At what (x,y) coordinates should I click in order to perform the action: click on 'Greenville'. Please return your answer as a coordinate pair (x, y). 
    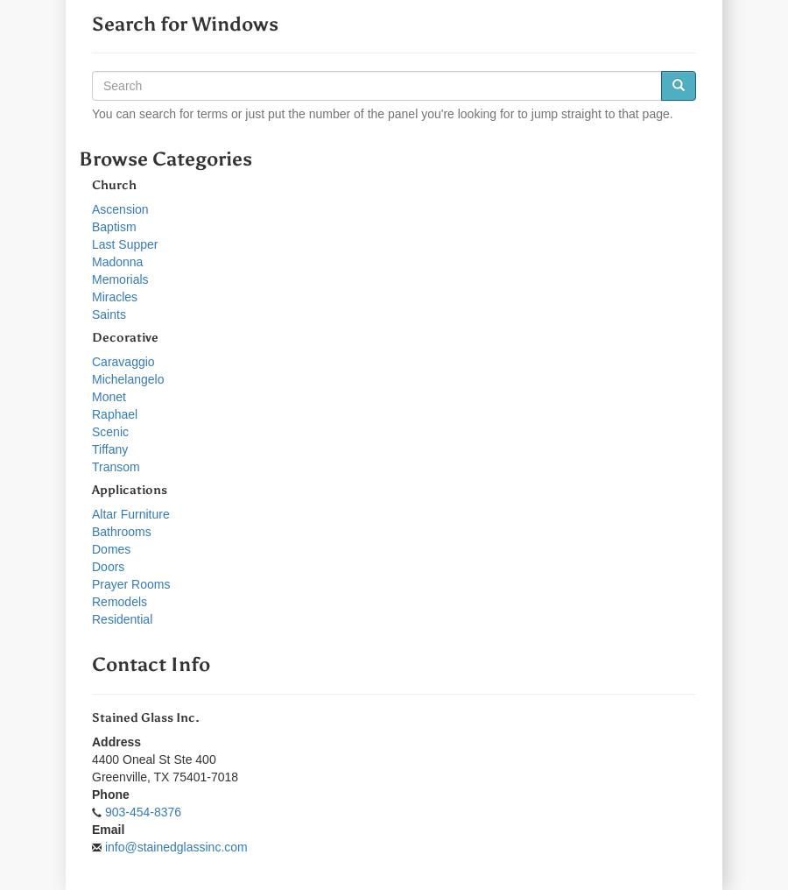
    Looking at the image, I should click on (119, 775).